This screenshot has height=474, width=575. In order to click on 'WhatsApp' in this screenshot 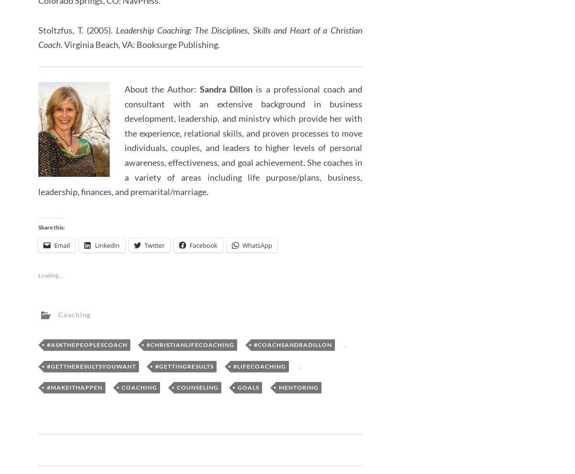, I will do `click(256, 245)`.